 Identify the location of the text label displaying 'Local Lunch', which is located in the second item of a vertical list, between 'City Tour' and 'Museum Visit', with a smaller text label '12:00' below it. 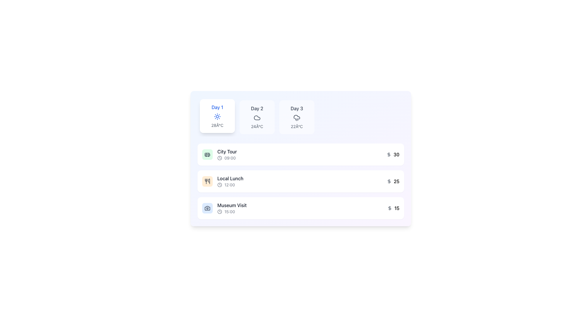
(230, 178).